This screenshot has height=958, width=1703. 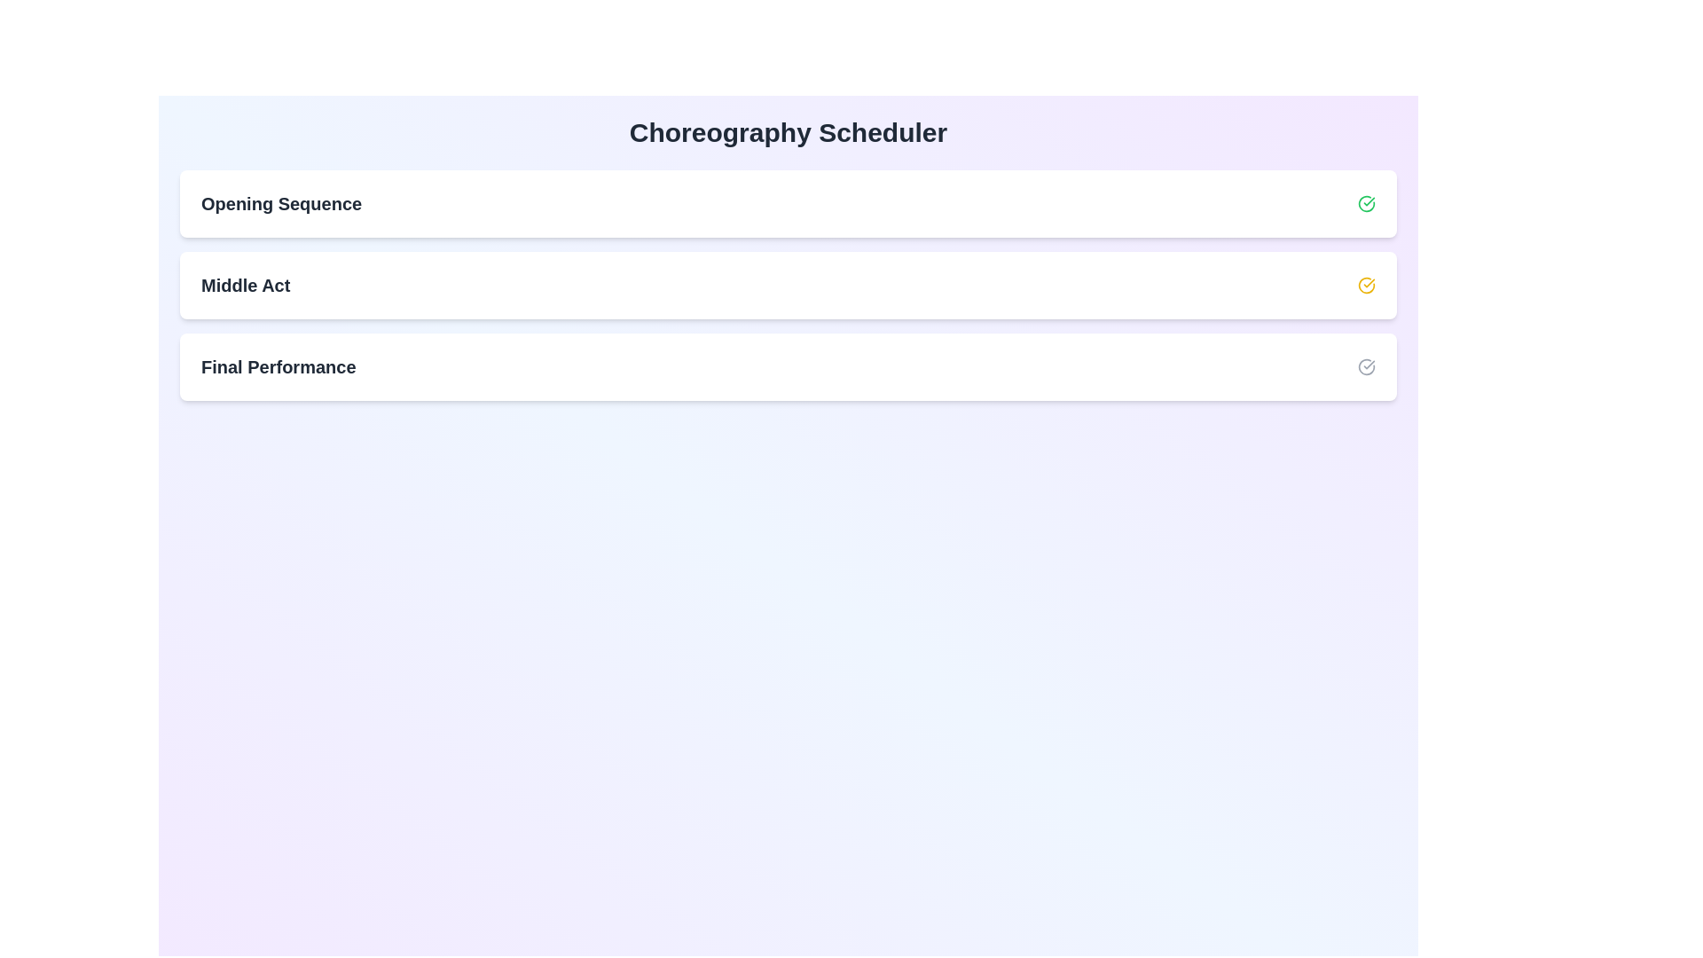 I want to click on status icon of the routine Opening Sequence, so click(x=1365, y=203).